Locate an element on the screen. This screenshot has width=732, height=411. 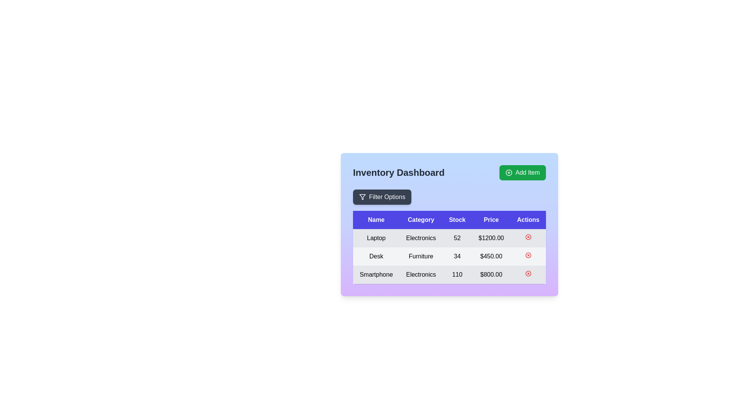
the visual representation of the stylized funnel icon located within the 'Filter Options' button in the header area of the Inventory Dashboard is located at coordinates (362, 196).